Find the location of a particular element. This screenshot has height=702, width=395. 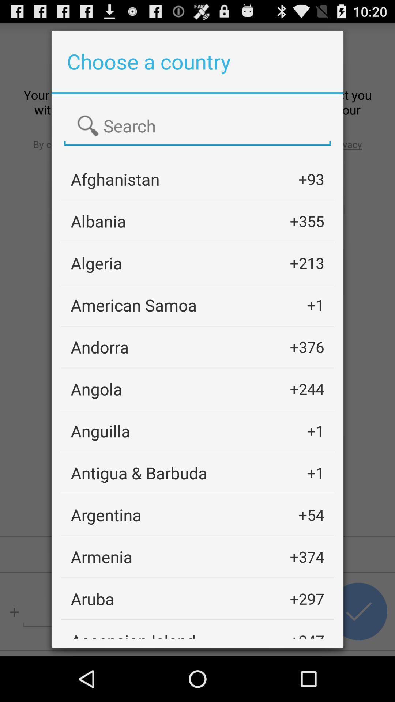

app below antigua & barbuda app is located at coordinates (106, 514).